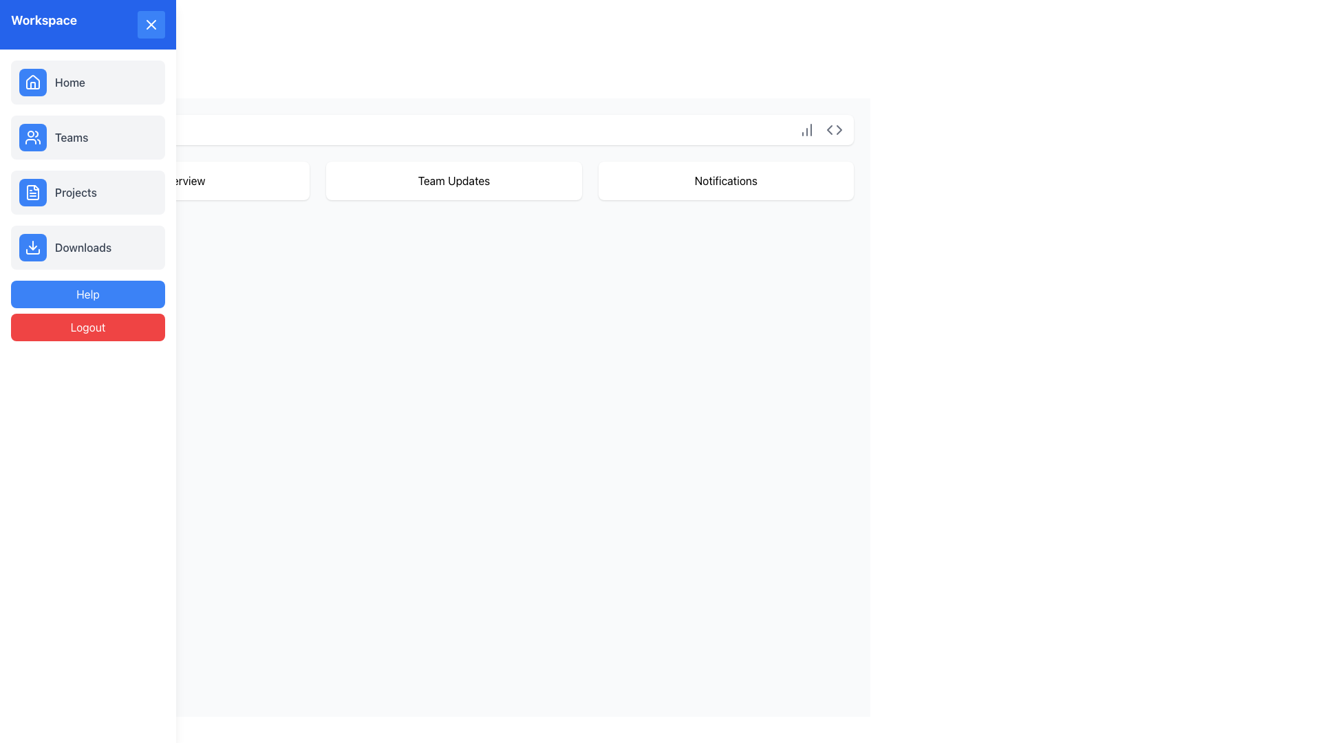 The height and width of the screenshot is (743, 1321). I want to click on the 'Home' navigation icon located at the top of the sidebar menu, so click(33, 82).